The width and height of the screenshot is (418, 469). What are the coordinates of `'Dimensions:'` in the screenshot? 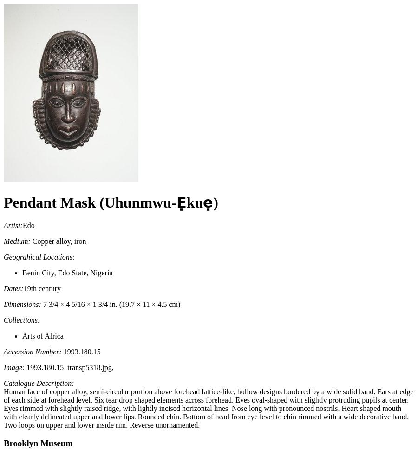 It's located at (21, 303).